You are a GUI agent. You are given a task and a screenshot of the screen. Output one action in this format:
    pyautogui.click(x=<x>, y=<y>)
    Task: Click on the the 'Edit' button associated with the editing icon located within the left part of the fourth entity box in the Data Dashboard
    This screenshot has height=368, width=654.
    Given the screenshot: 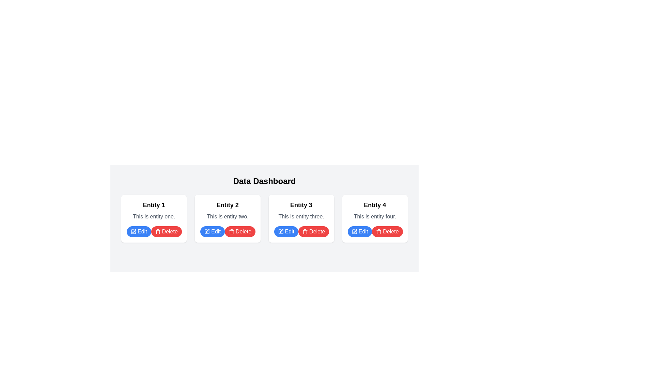 What is the action you would take?
    pyautogui.click(x=354, y=231)
    